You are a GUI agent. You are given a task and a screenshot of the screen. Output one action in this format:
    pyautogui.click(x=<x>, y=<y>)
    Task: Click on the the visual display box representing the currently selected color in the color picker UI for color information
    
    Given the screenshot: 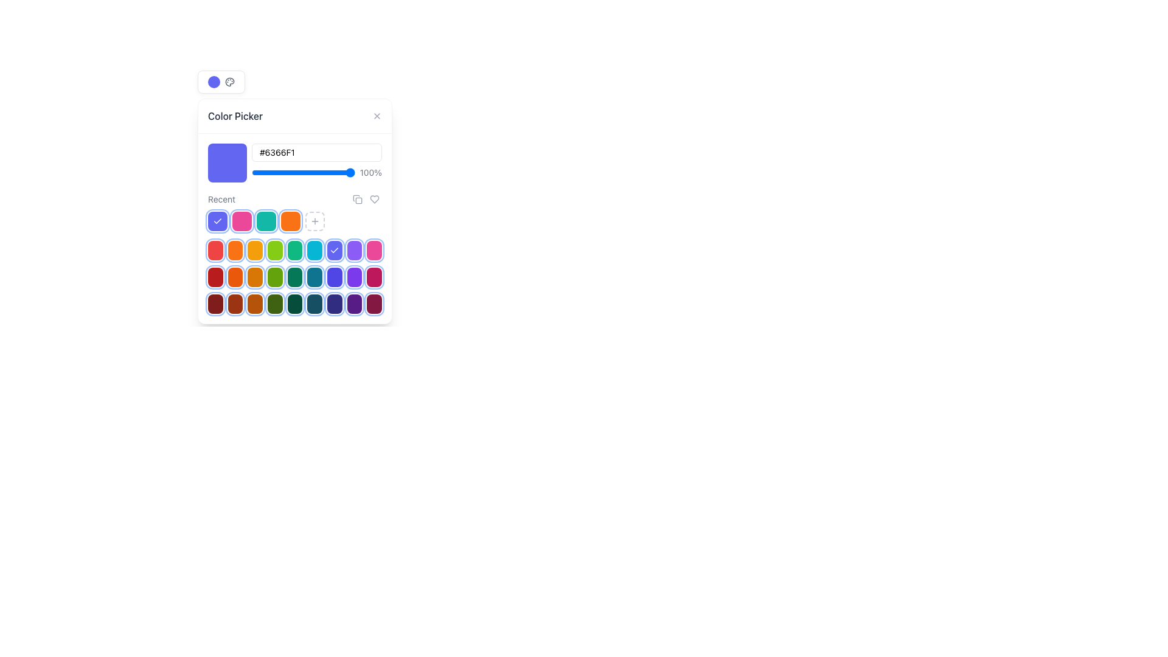 What is the action you would take?
    pyautogui.click(x=228, y=162)
    